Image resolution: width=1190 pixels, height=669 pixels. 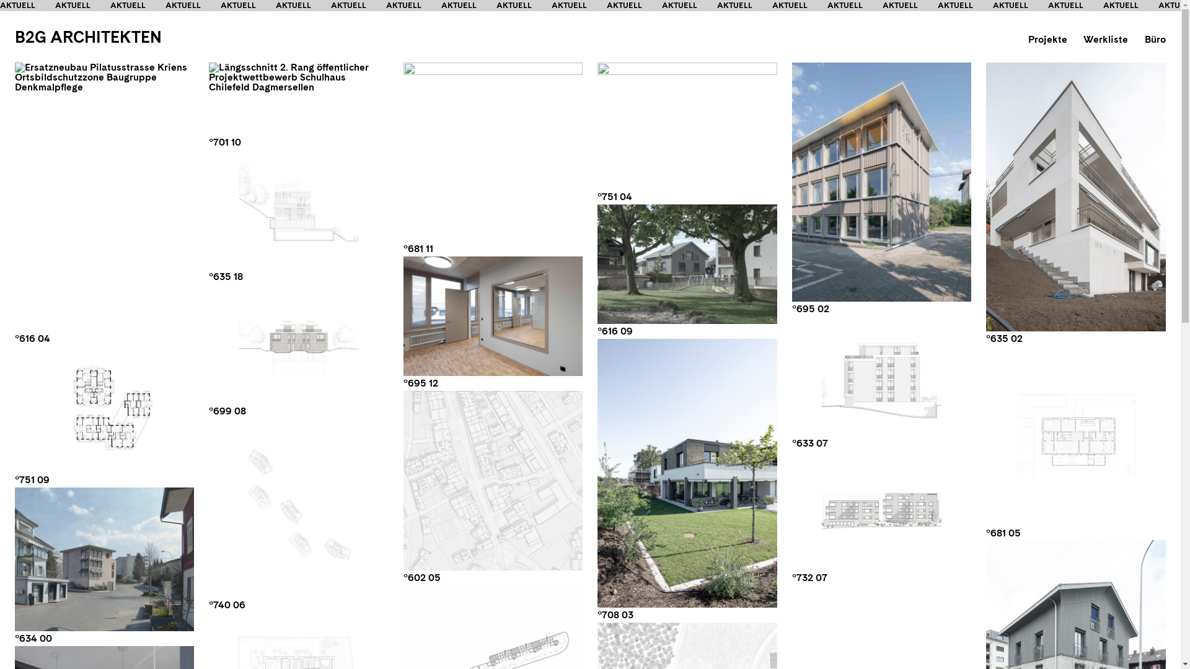 I want to click on 'Projekte', so click(x=1047, y=38).